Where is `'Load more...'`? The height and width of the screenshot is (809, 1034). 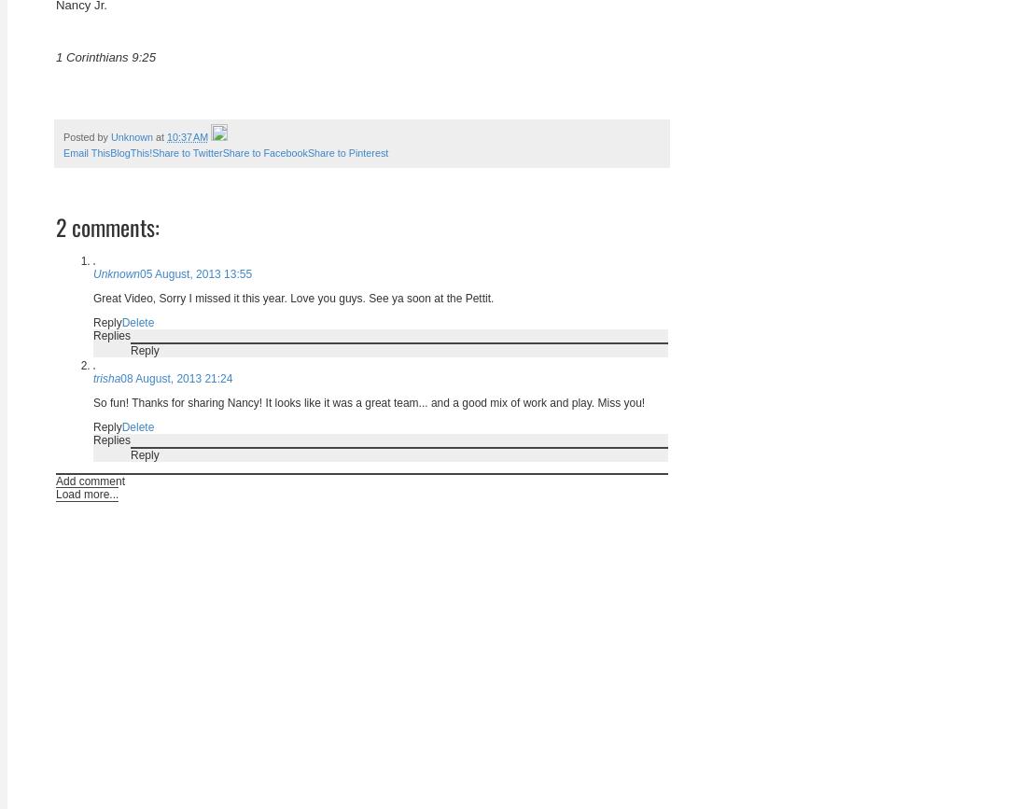 'Load more...' is located at coordinates (87, 492).